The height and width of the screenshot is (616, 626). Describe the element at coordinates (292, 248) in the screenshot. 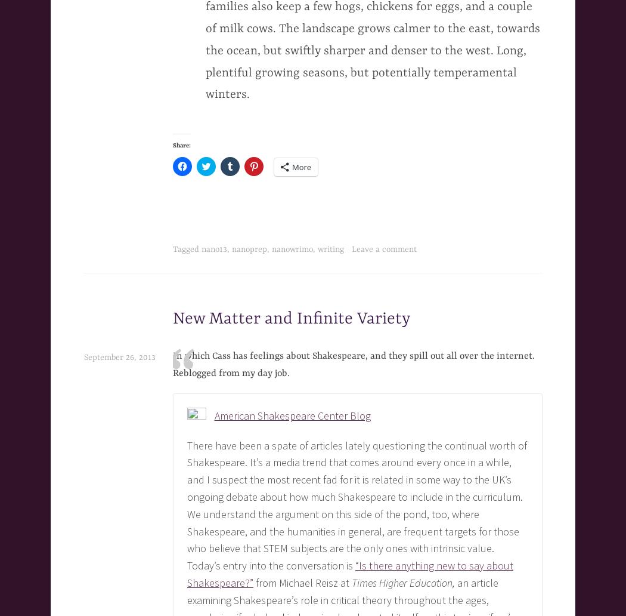

I see `'nanowrimo'` at that location.